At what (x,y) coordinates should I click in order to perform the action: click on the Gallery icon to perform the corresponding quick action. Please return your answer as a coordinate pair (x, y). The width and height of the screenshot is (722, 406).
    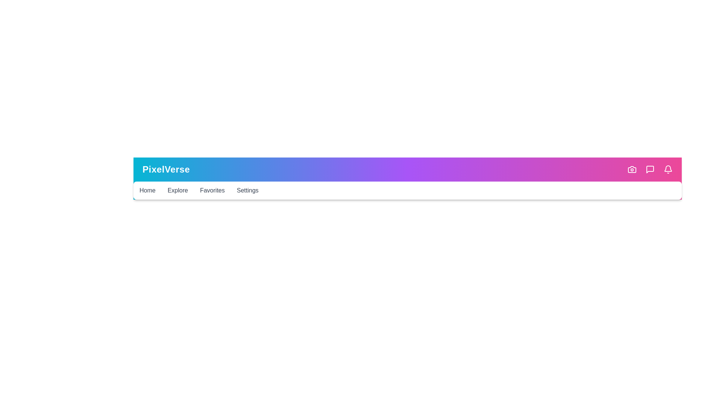
    Looking at the image, I should click on (632, 170).